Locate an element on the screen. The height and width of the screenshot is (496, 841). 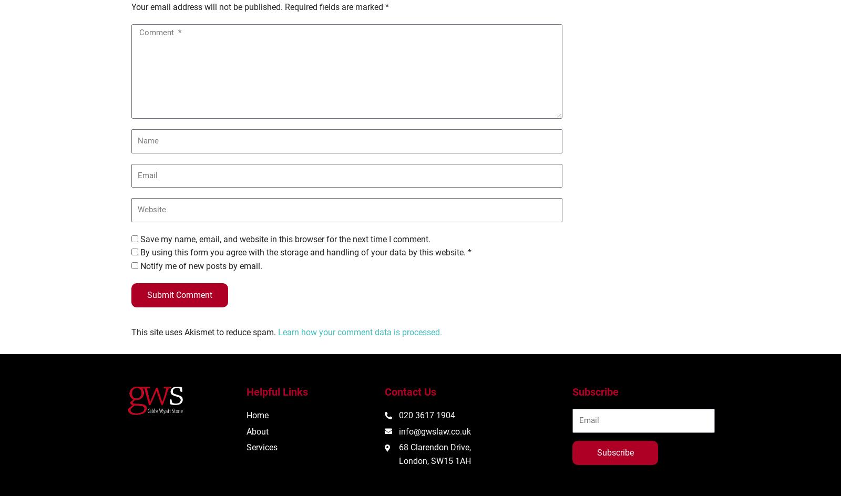
'Your email address will not be published. Required fields are marked *' is located at coordinates (260, 6).